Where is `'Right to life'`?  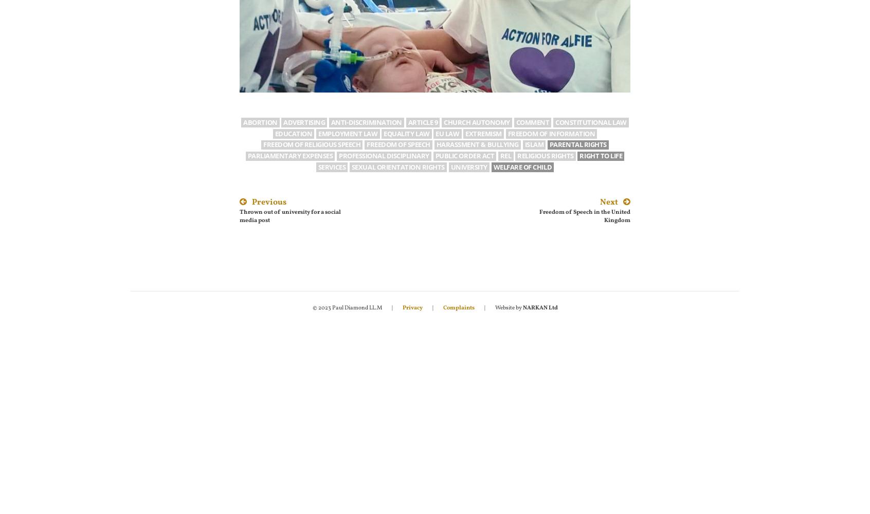
'Right to life' is located at coordinates (600, 156).